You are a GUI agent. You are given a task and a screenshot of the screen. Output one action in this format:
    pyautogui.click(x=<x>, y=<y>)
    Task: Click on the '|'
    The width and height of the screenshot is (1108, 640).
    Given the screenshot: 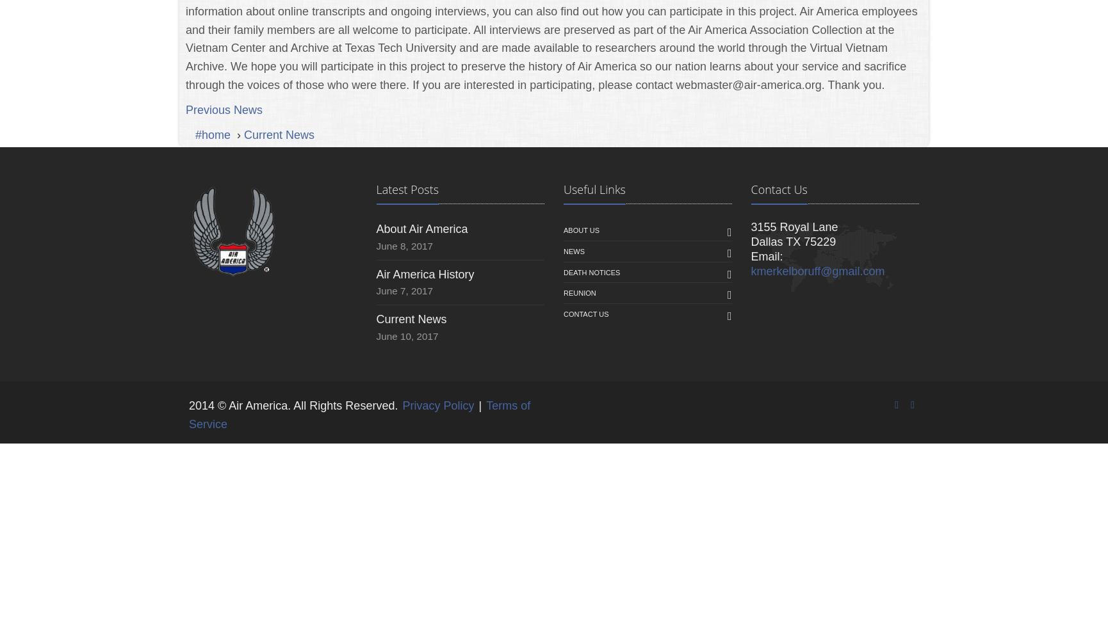 What is the action you would take?
    pyautogui.click(x=479, y=406)
    